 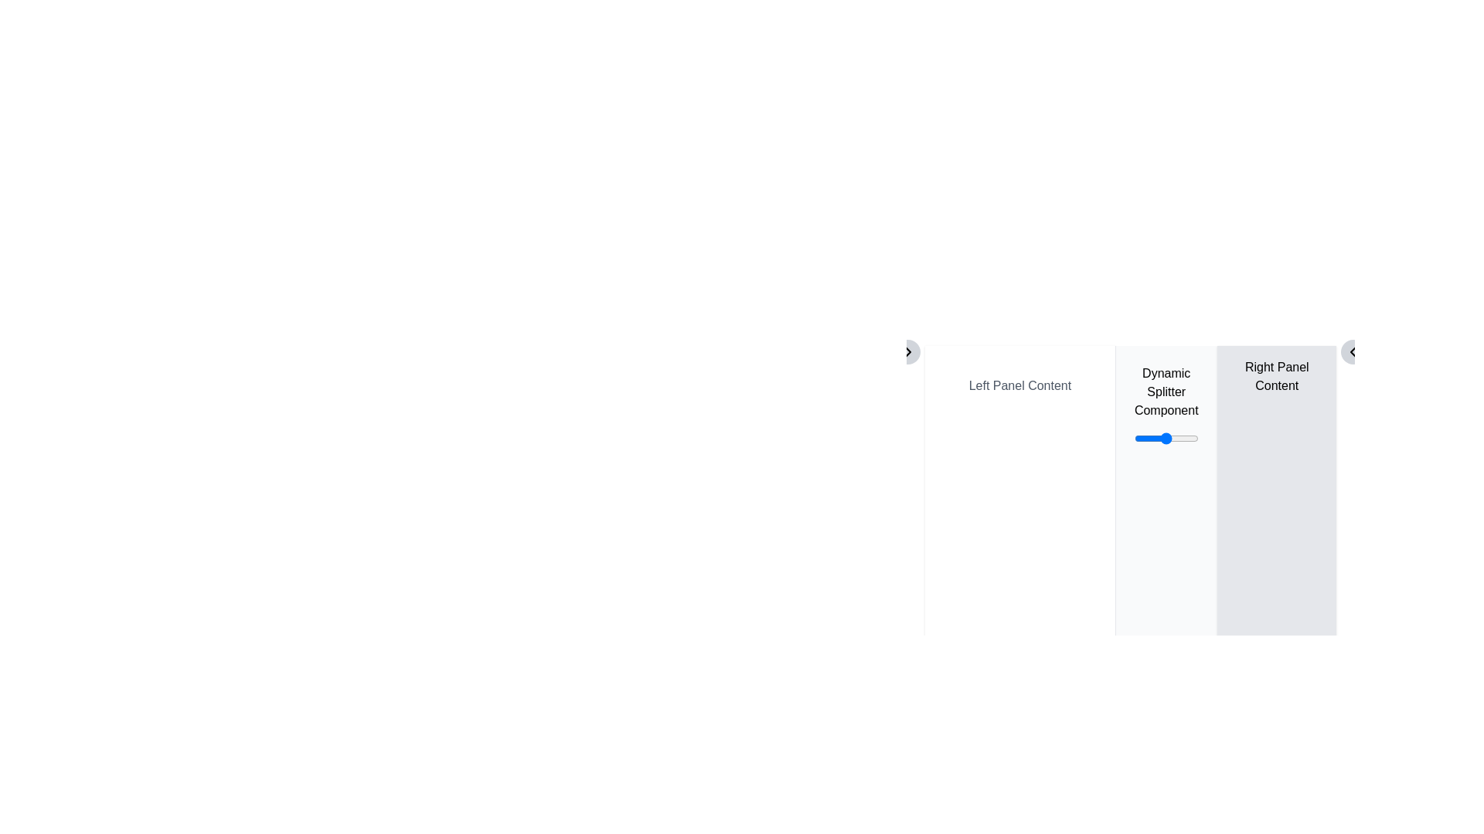 What do you see at coordinates (1353, 351) in the screenshot?
I see `the button that collapses or closes the left panel, located at the top right corner above the 'Left Panel Content' label` at bounding box center [1353, 351].